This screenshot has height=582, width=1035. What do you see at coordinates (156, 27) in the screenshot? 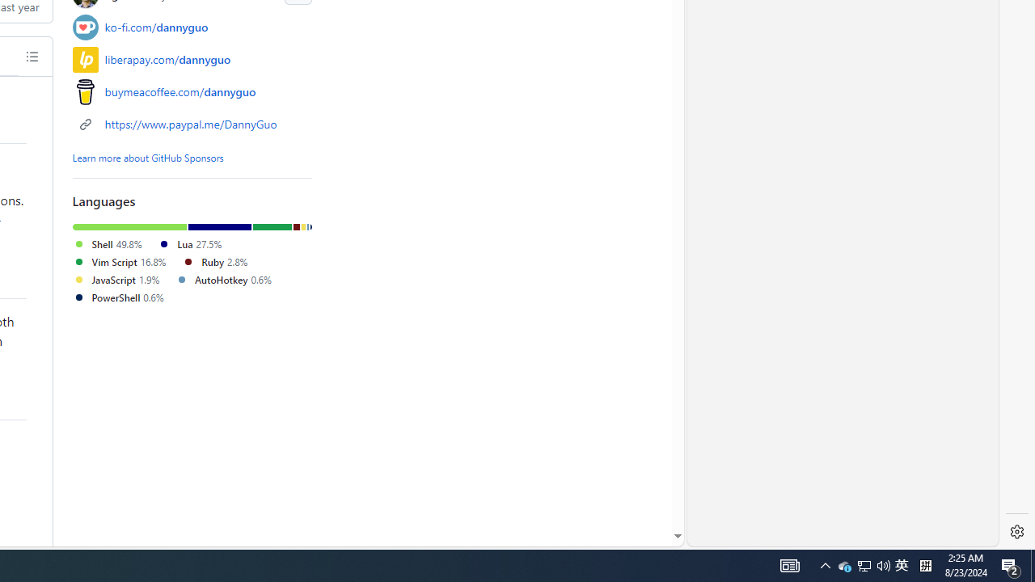
I see `'ko-fi.com/dannyguo'` at bounding box center [156, 27].